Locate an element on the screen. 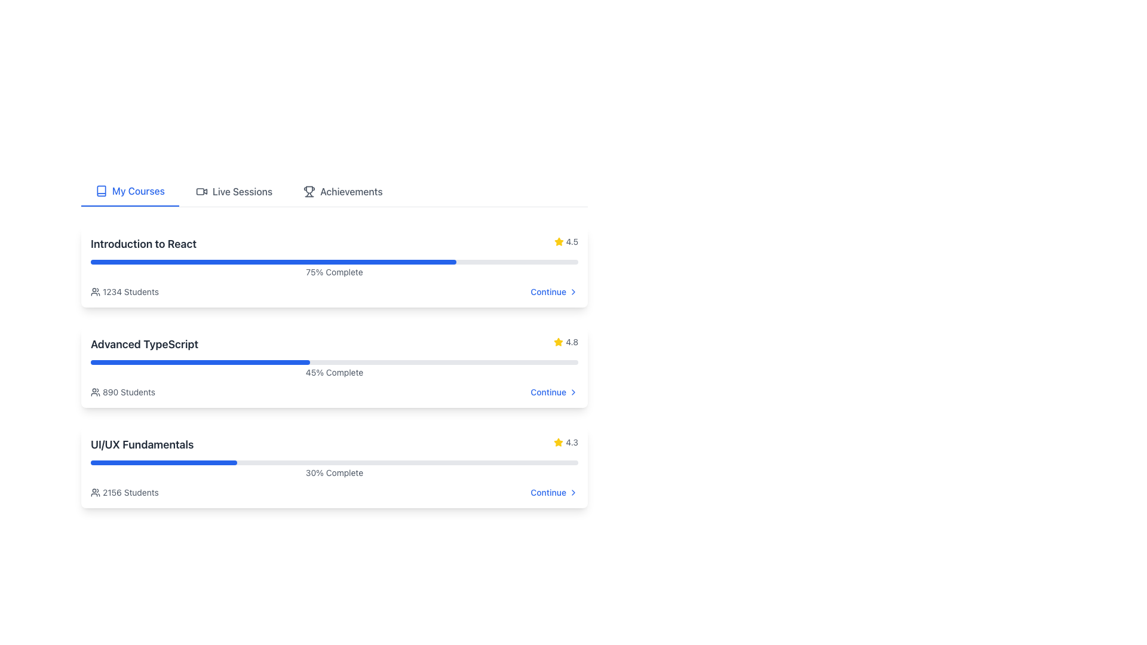 The width and height of the screenshot is (1147, 645). the bright yellow star icon used for rating, located adjacent to the text '4.5' in the 'Introduction to React' card is located at coordinates (558, 342).